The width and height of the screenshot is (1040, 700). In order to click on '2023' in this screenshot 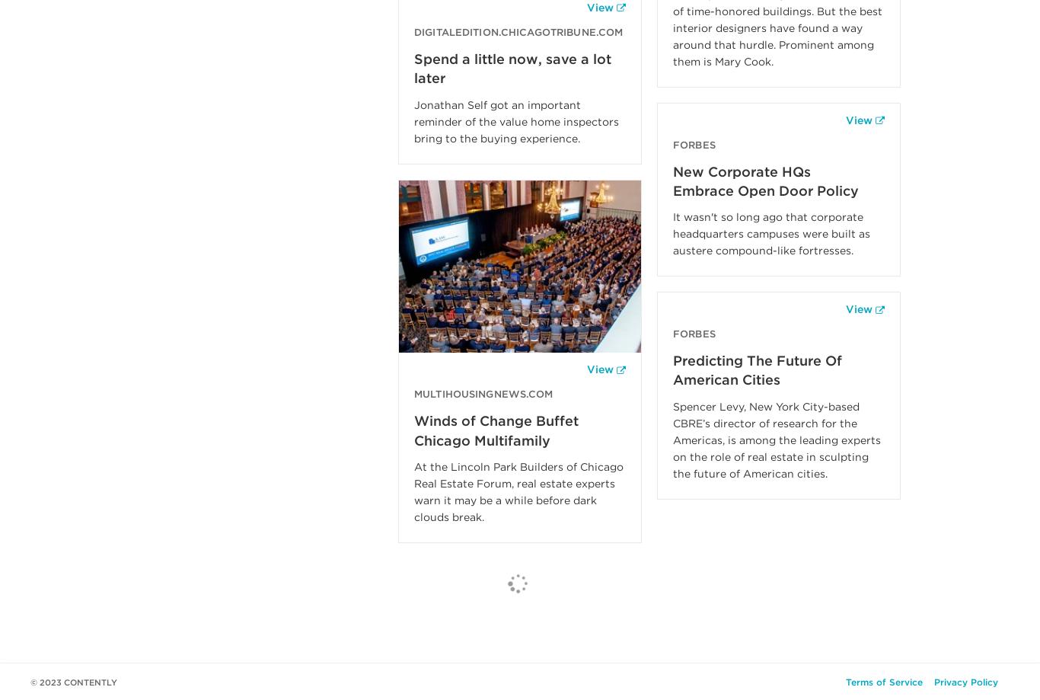, I will do `click(50, 681)`.